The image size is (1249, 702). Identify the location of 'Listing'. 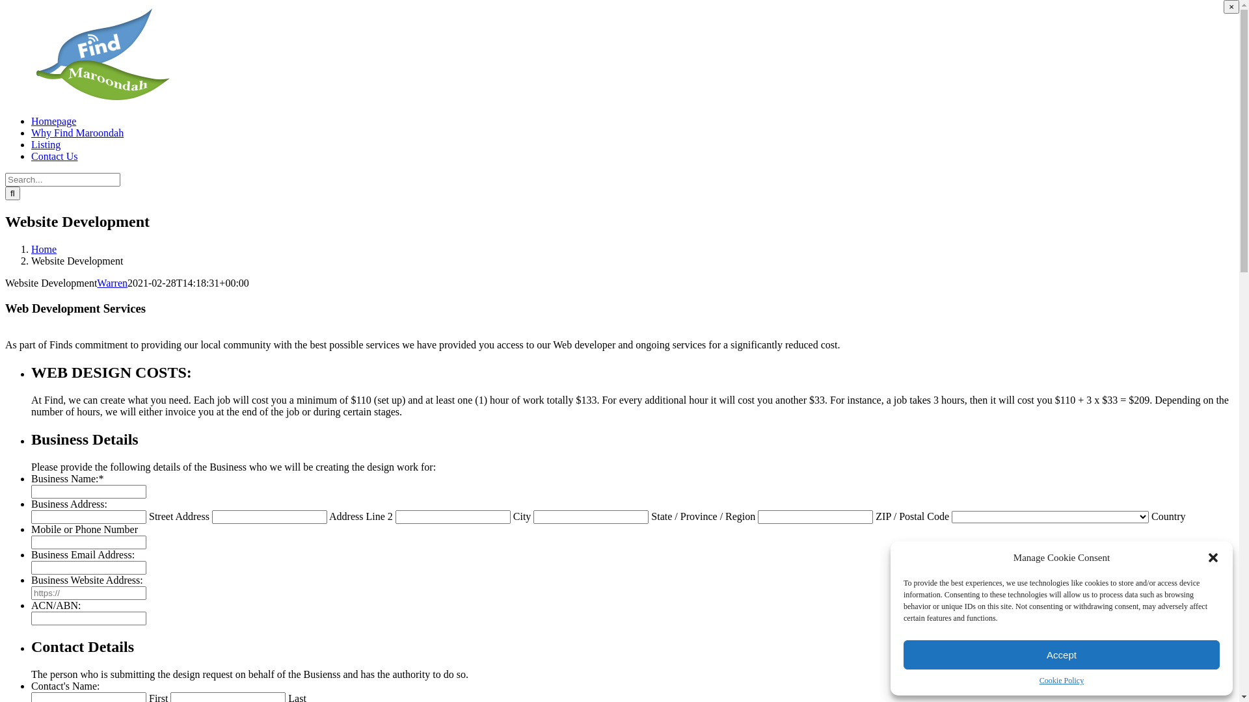
(46, 144).